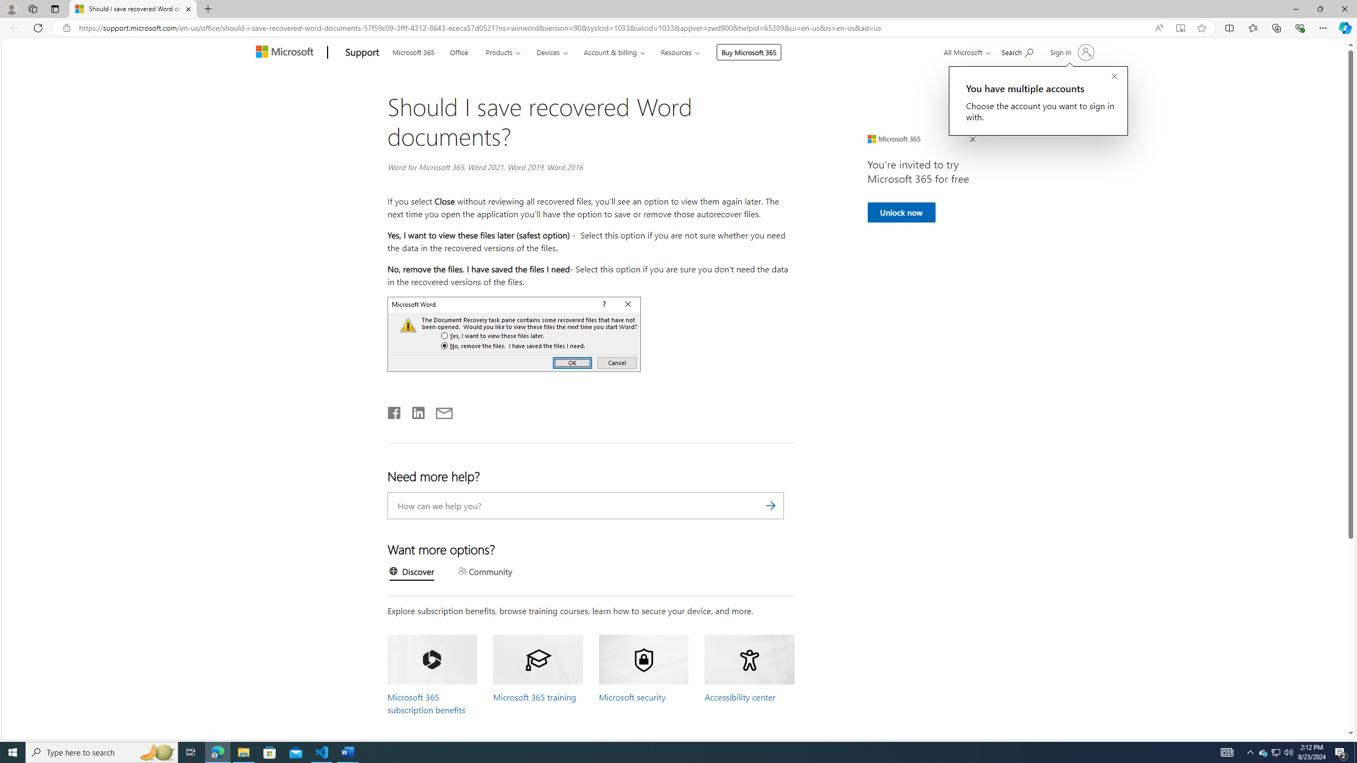 The image size is (1357, 763). Describe the element at coordinates (749, 51) in the screenshot. I see `'Buy Microsoft 365'` at that location.